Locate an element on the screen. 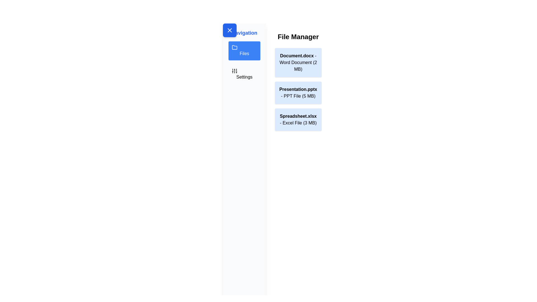 This screenshot has height=302, width=537. the text label indicating the file name 'Spreadsheet.xlsx - Excel File (3 MB)' located in the bottom-most file card on the right-hand side of the page for reading is located at coordinates (298, 116).